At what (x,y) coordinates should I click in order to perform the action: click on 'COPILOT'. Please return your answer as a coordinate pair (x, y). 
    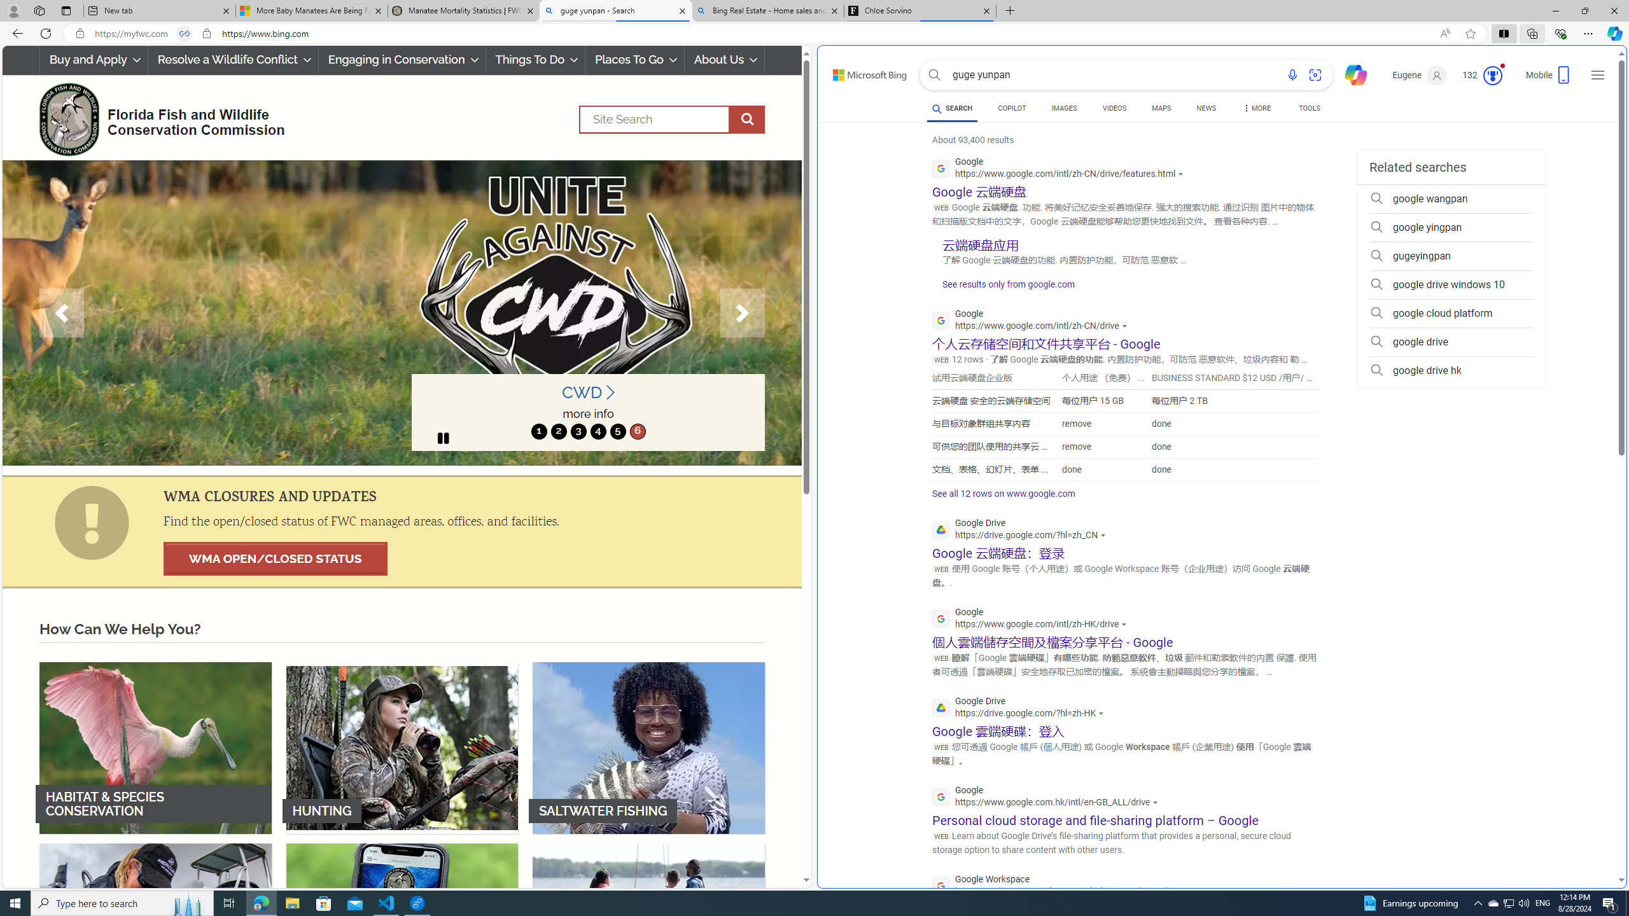
    Looking at the image, I should click on (1011, 108).